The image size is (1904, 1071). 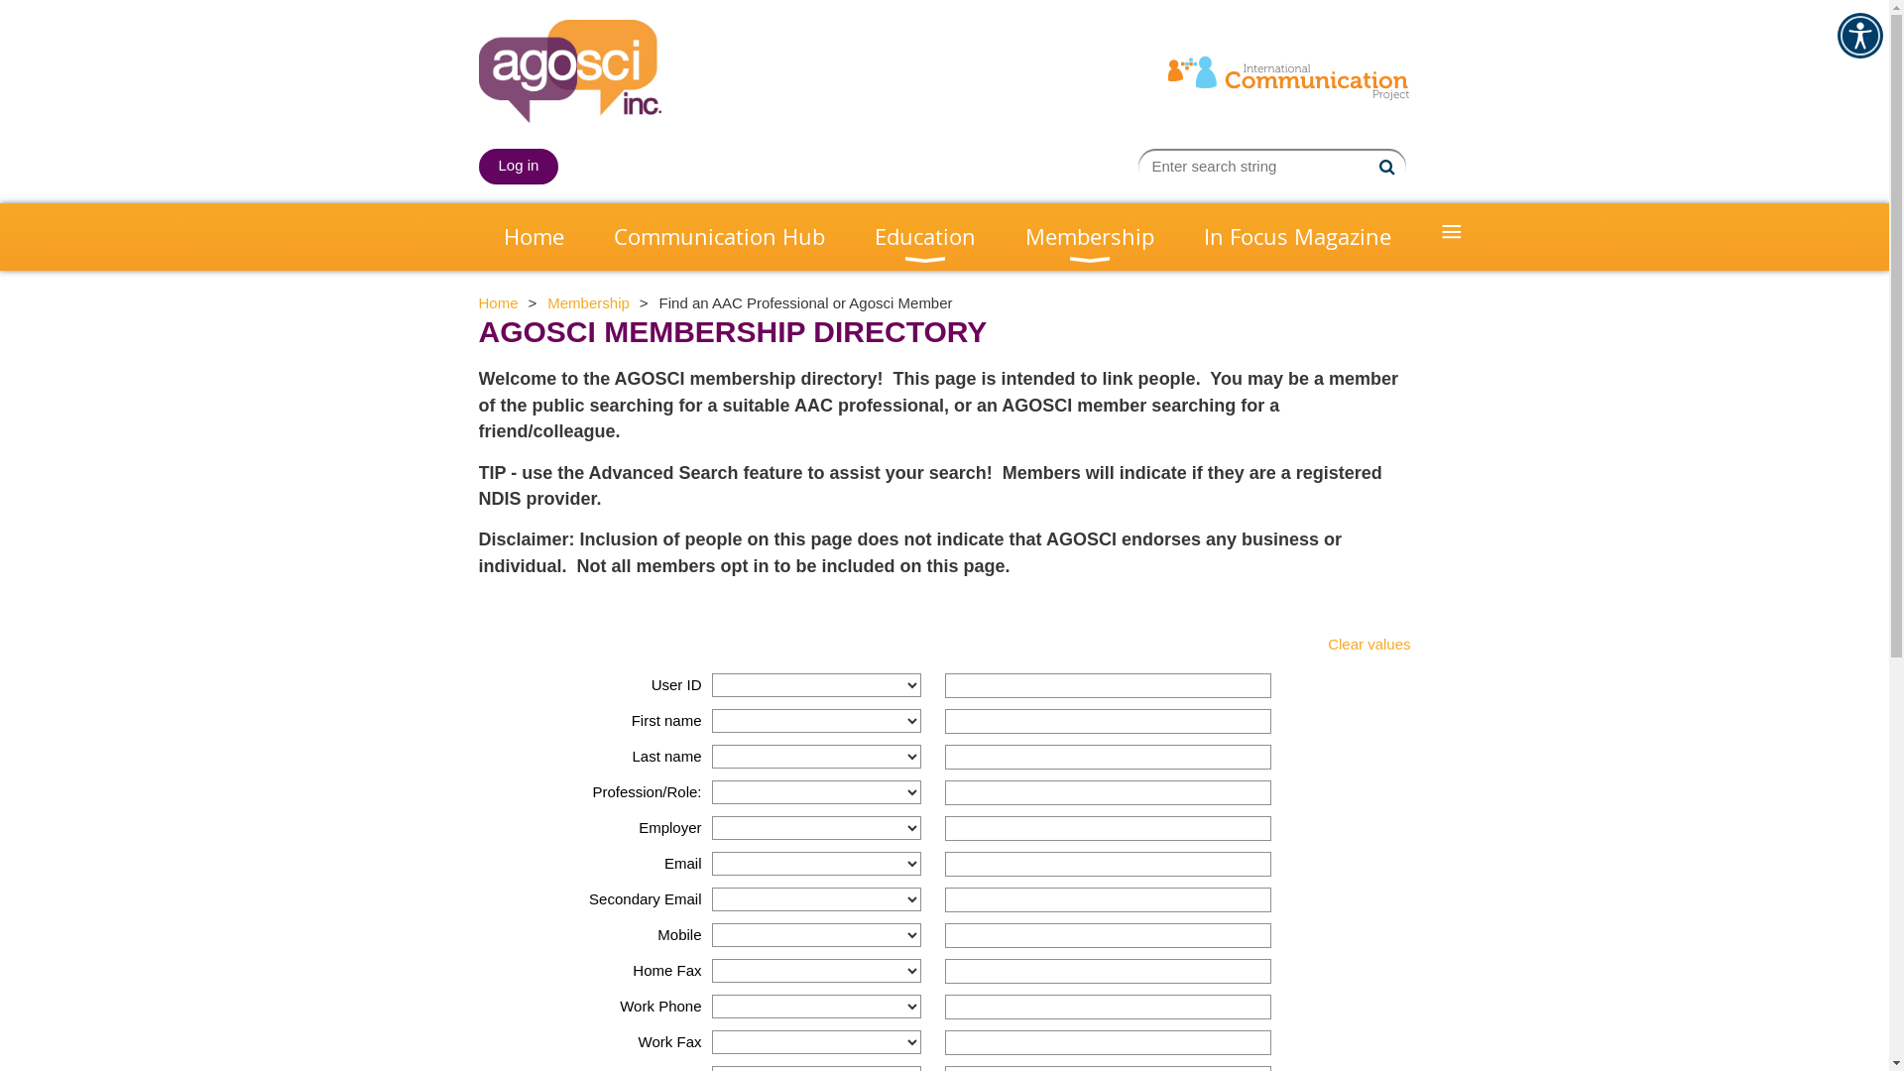 I want to click on 'In Focus Magazine', so click(x=1296, y=236).